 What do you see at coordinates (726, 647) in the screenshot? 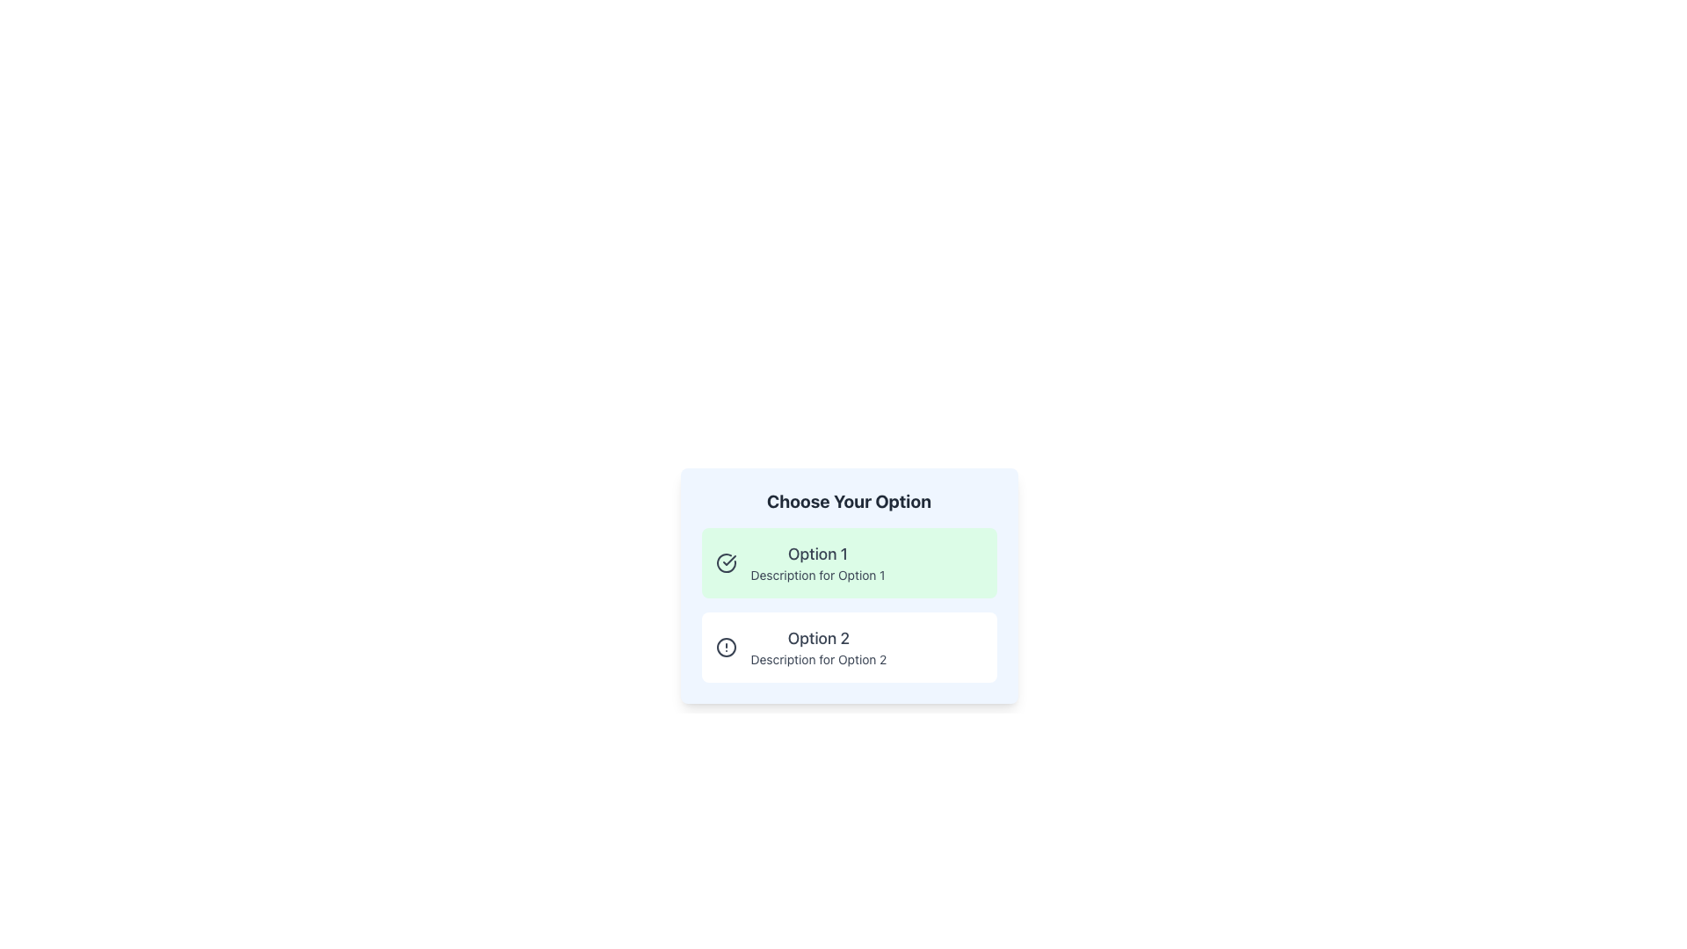
I see `the circular vector graphic that is part of the alert icon indicating that 'Option 2' requires attention` at bounding box center [726, 647].